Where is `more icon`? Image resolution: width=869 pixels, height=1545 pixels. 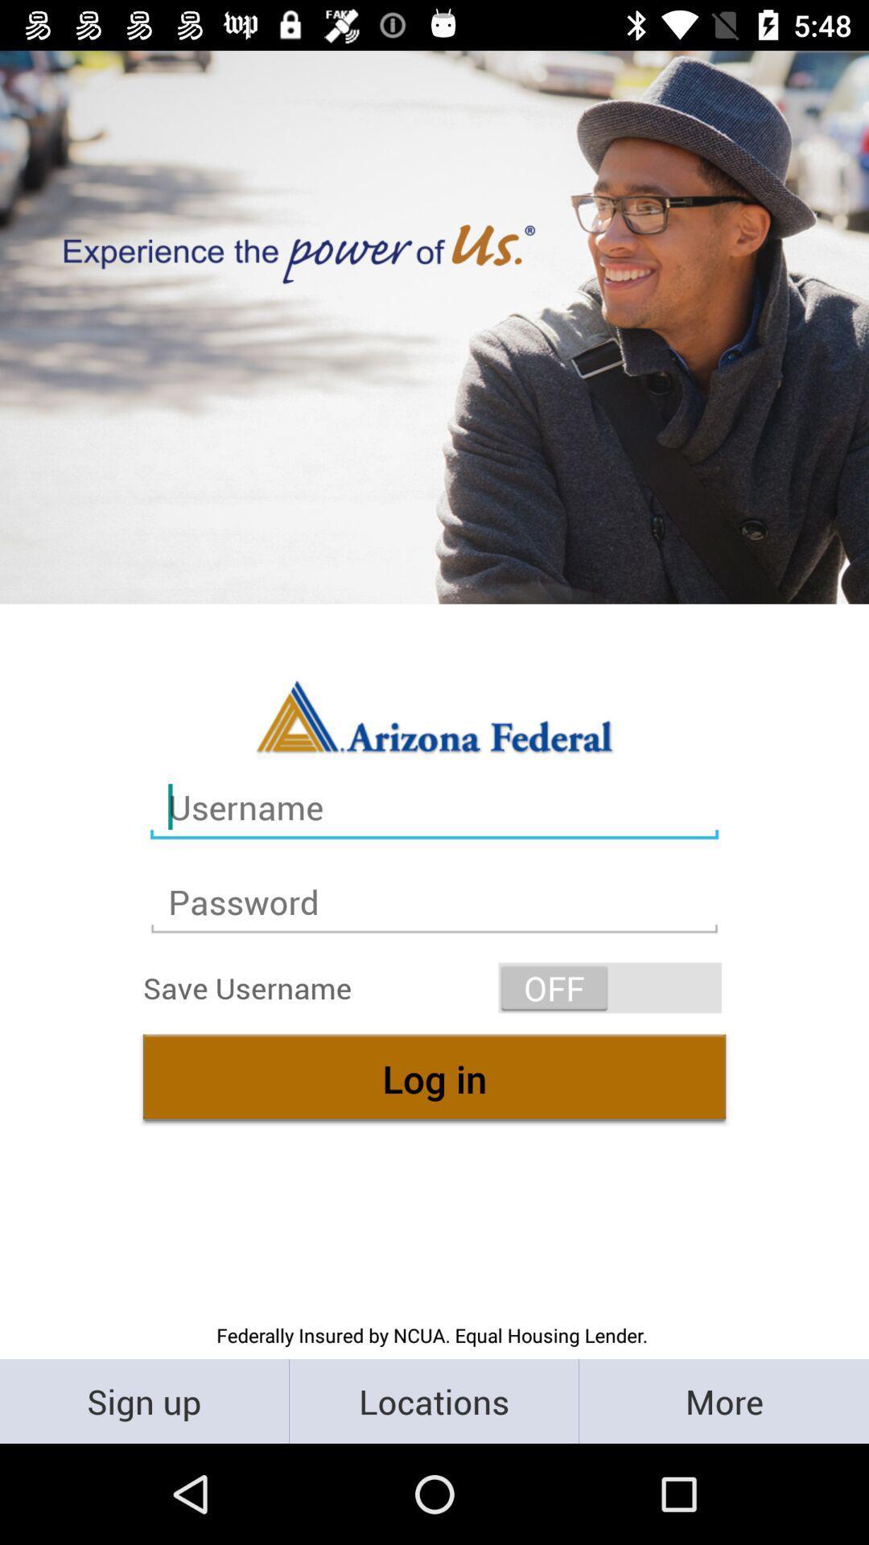 more icon is located at coordinates (723, 1400).